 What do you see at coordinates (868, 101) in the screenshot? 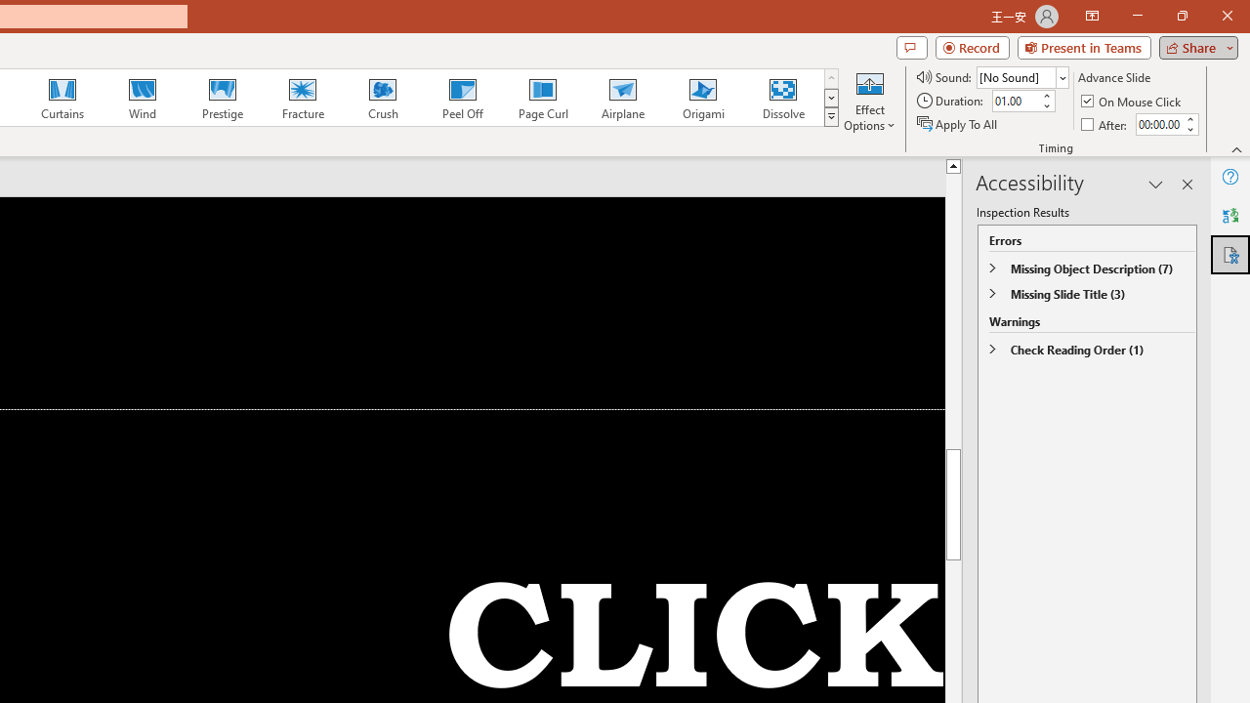
I see `'Effect Options'` at bounding box center [868, 101].